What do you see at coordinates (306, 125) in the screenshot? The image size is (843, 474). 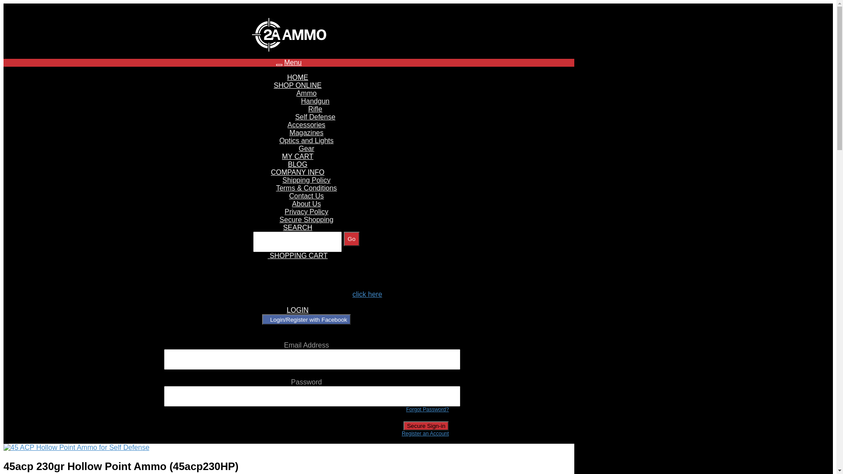 I see `'Accessories'` at bounding box center [306, 125].